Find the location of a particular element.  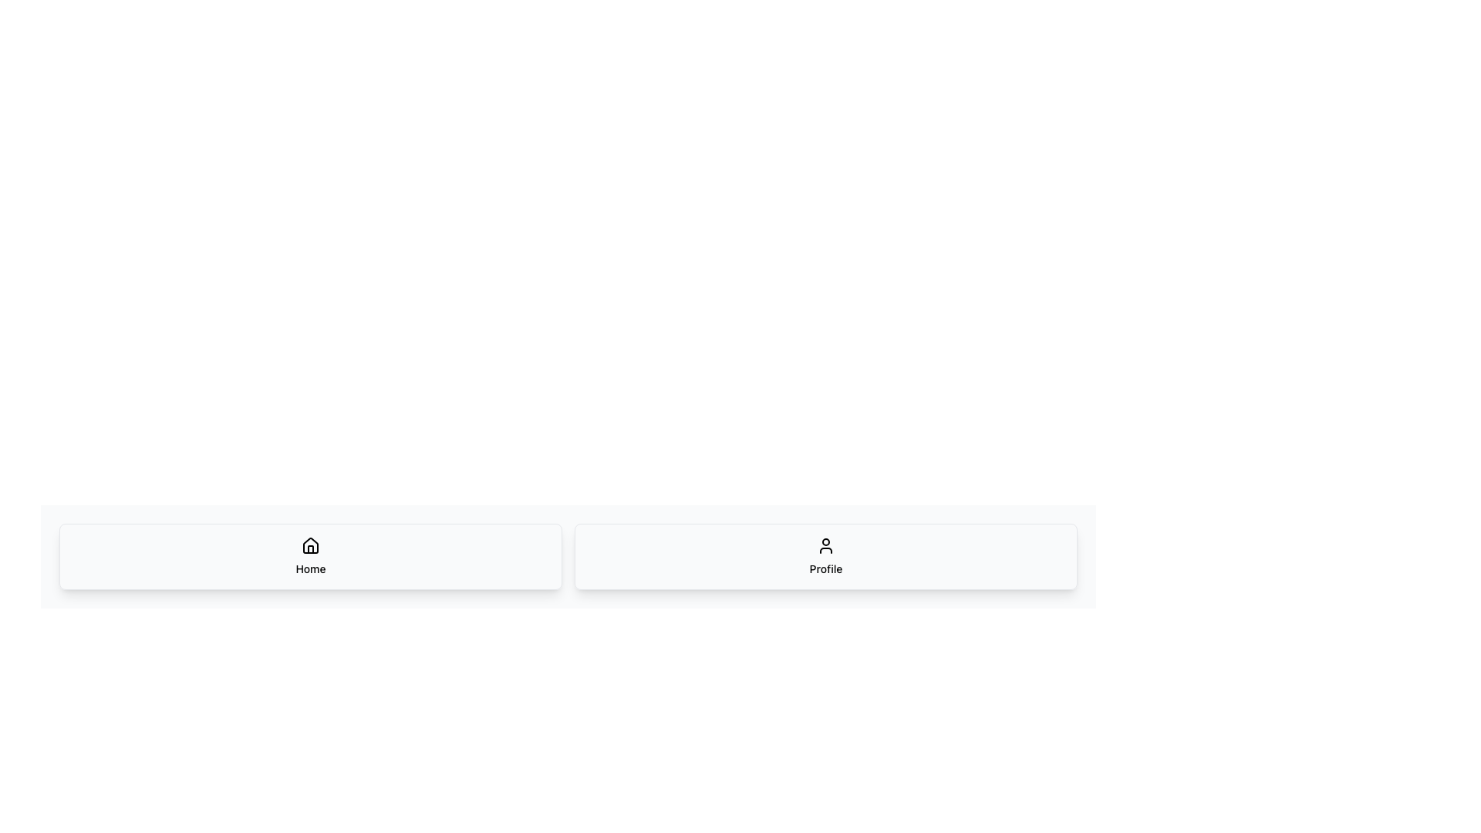

the button located to the right of the 'Home' button, which redirects to the profile or account page is located at coordinates (825, 556).